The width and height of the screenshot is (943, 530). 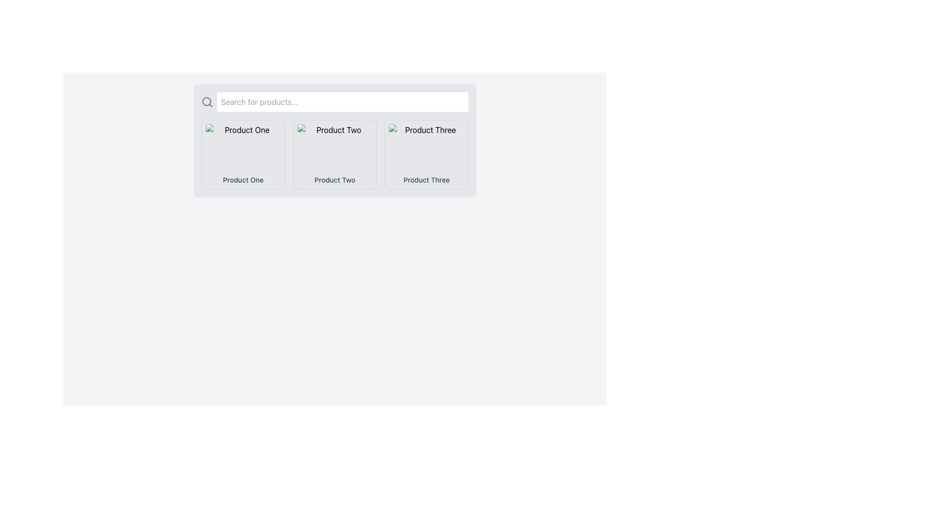 What do you see at coordinates (334, 147) in the screenshot?
I see `the image representing 'Product Two', which serves as a visual preview for user identification` at bounding box center [334, 147].